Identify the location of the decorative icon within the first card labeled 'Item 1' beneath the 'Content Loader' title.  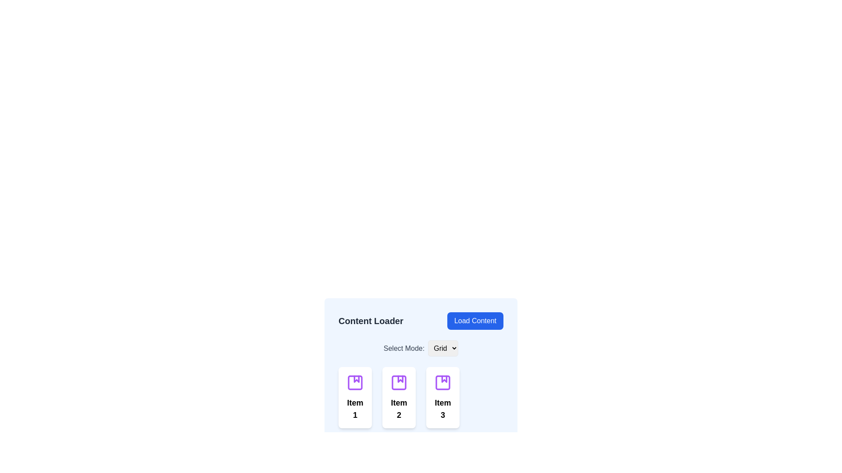
(357, 378).